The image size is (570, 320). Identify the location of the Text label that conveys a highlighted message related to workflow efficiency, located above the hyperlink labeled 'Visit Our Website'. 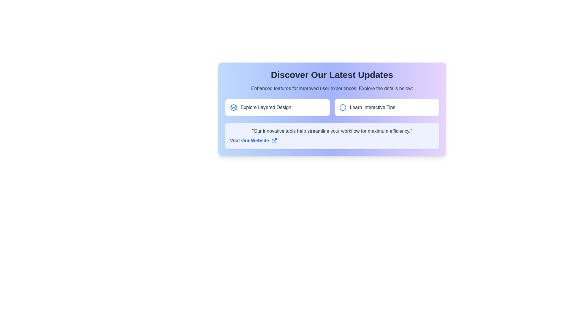
(332, 131).